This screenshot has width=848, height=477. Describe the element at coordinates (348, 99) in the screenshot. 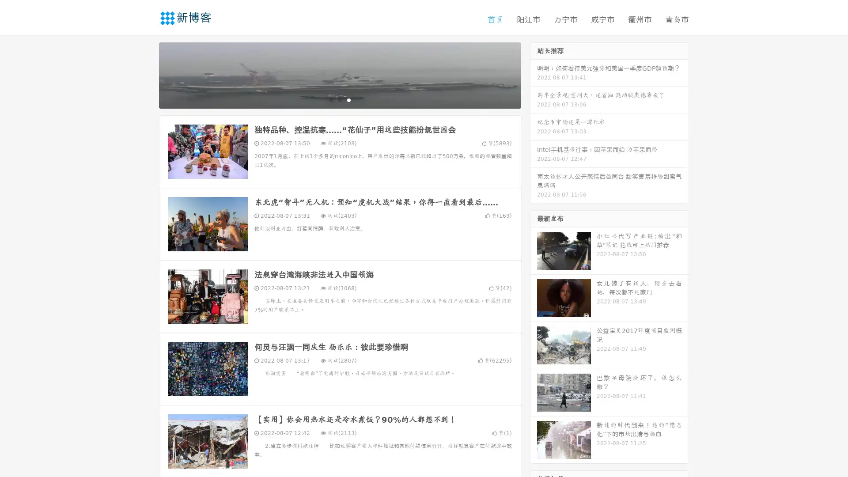

I see `Go to slide 3` at that location.